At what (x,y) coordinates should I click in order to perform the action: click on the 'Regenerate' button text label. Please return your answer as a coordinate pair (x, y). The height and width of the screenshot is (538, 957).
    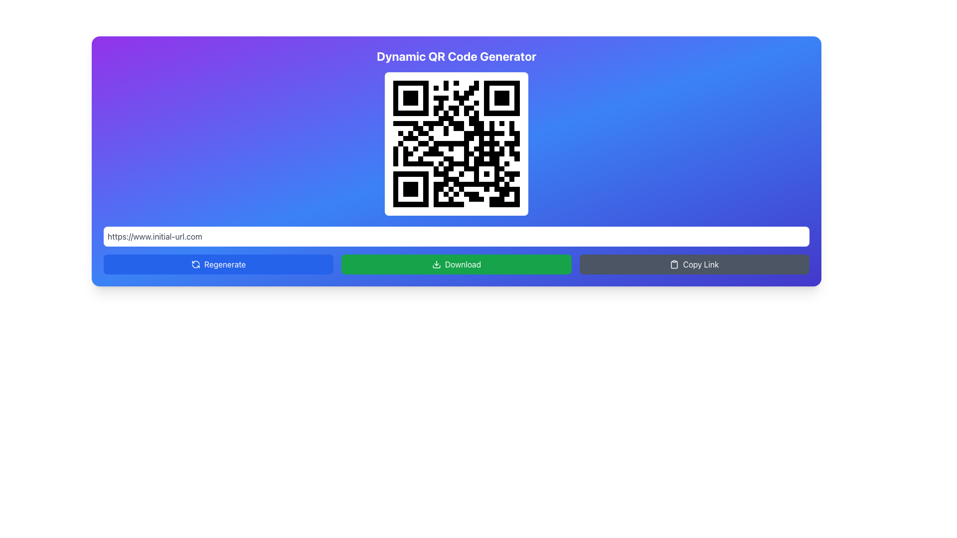
    Looking at the image, I should click on (224, 264).